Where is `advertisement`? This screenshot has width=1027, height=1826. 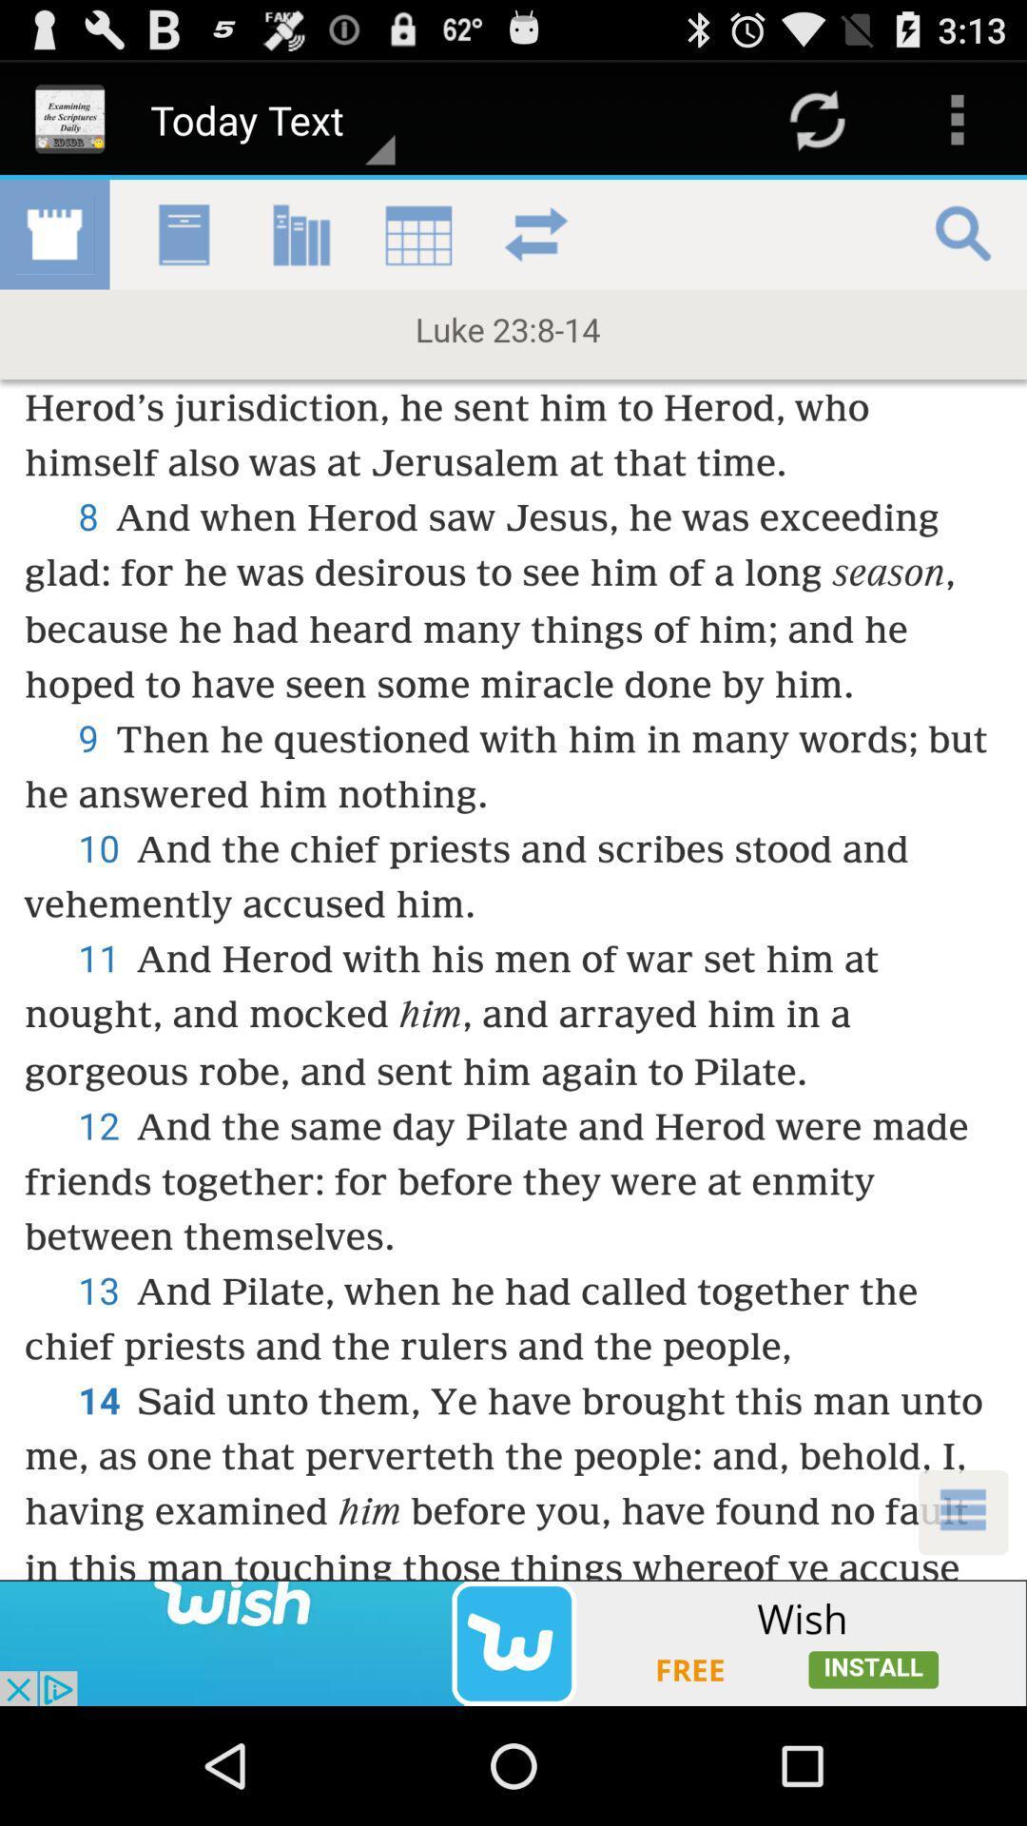
advertisement is located at coordinates (513, 1642).